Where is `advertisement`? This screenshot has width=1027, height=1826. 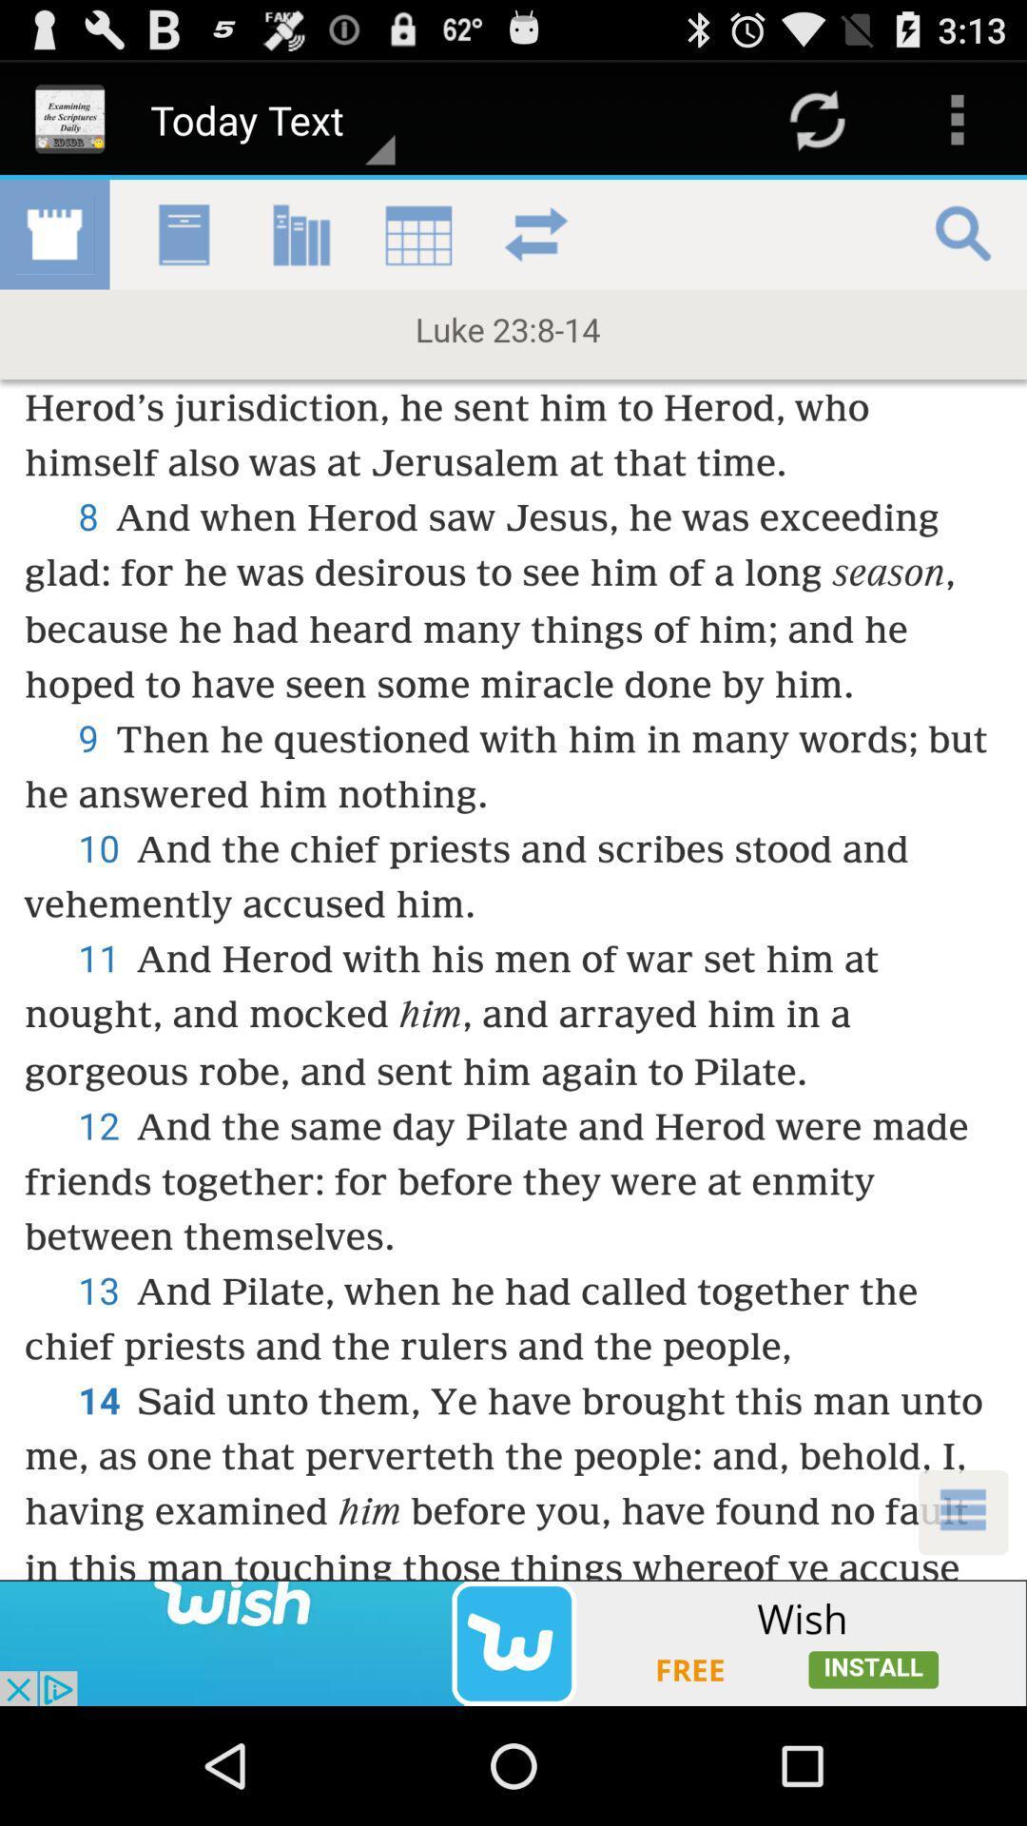
advertisement is located at coordinates (513, 1642).